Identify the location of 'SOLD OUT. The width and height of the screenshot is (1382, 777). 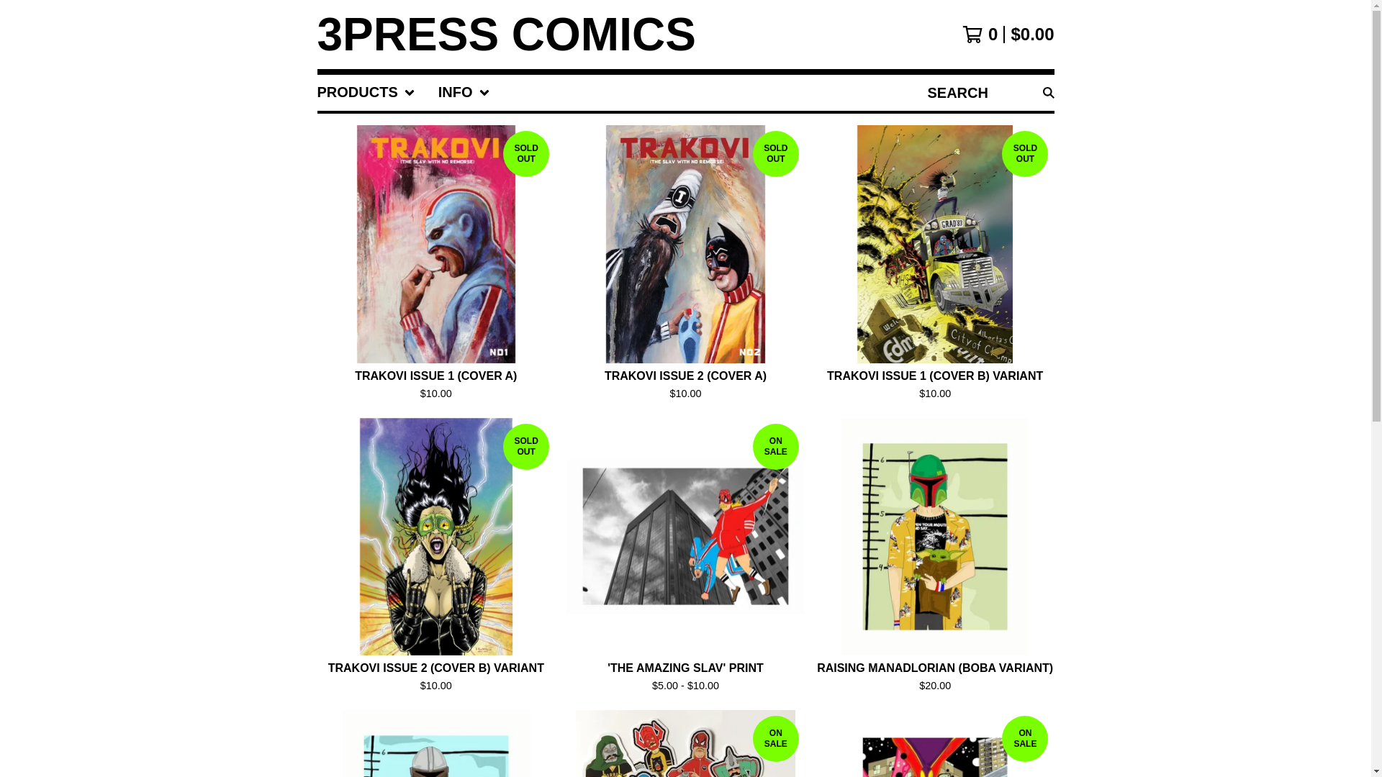
(435, 558).